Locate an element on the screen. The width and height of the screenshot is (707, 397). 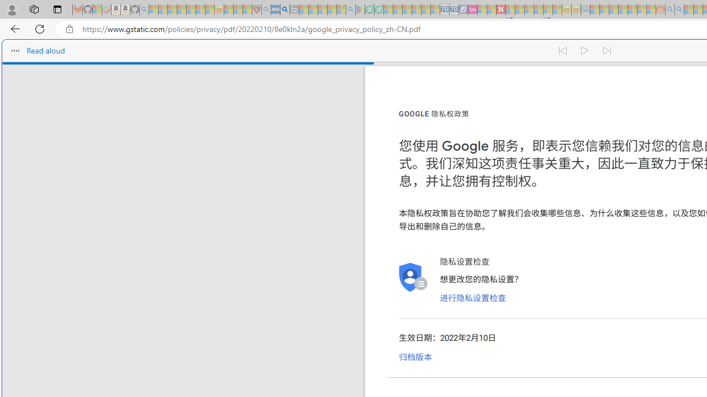
'Continue to read aloud (Ctrl+Shift+U)' is located at coordinates (584, 51).